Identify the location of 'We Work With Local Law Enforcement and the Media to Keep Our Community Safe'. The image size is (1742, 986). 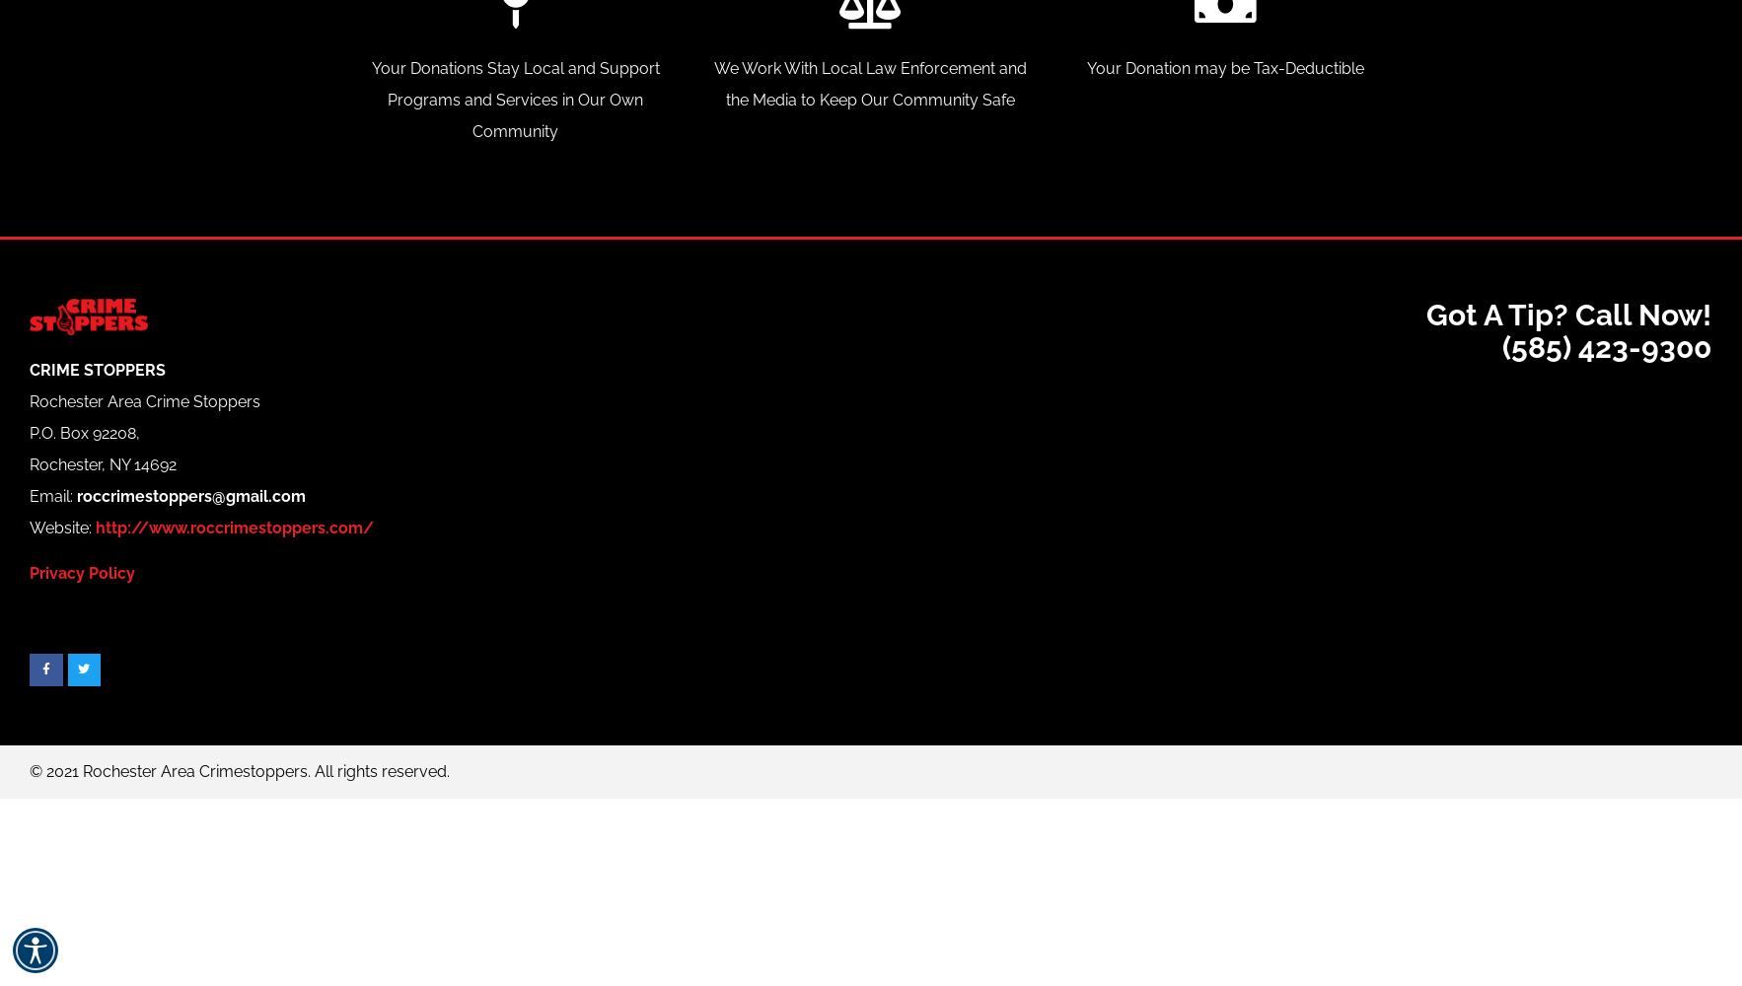
(870, 82).